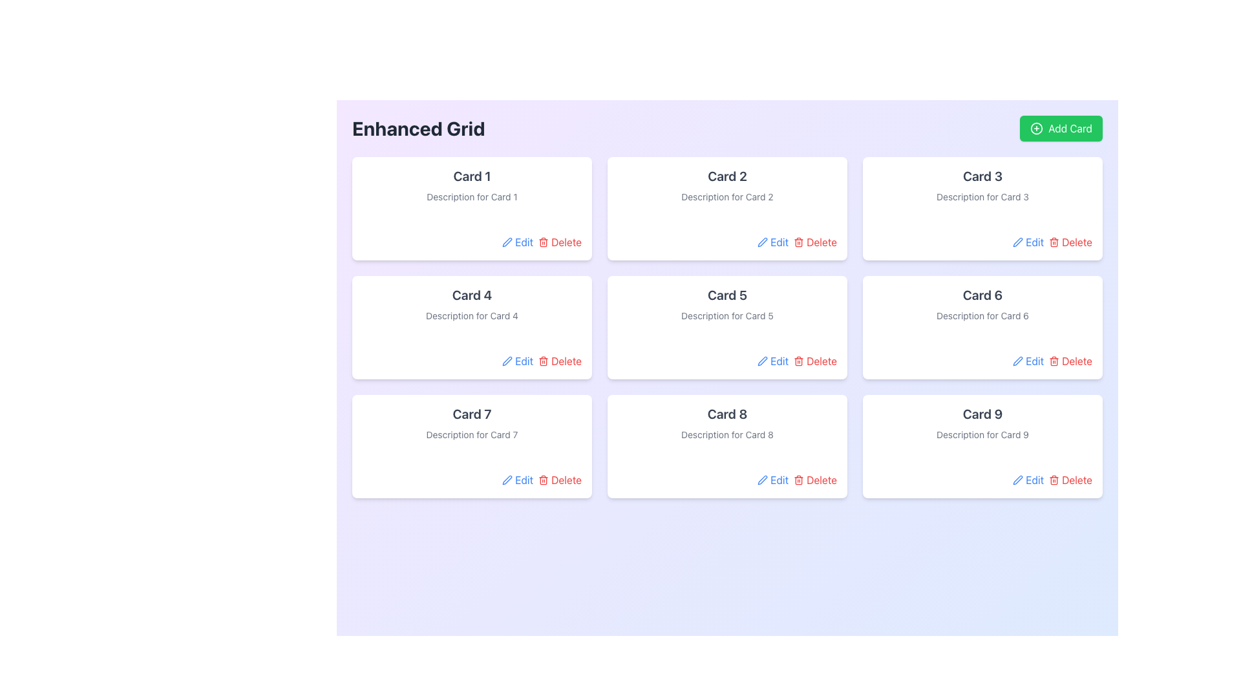  What do you see at coordinates (982, 304) in the screenshot?
I see `the Text block element titled 'Card 6' which contains the description 'Description for Card 6', located in the second row and third column of the grid layout` at bounding box center [982, 304].